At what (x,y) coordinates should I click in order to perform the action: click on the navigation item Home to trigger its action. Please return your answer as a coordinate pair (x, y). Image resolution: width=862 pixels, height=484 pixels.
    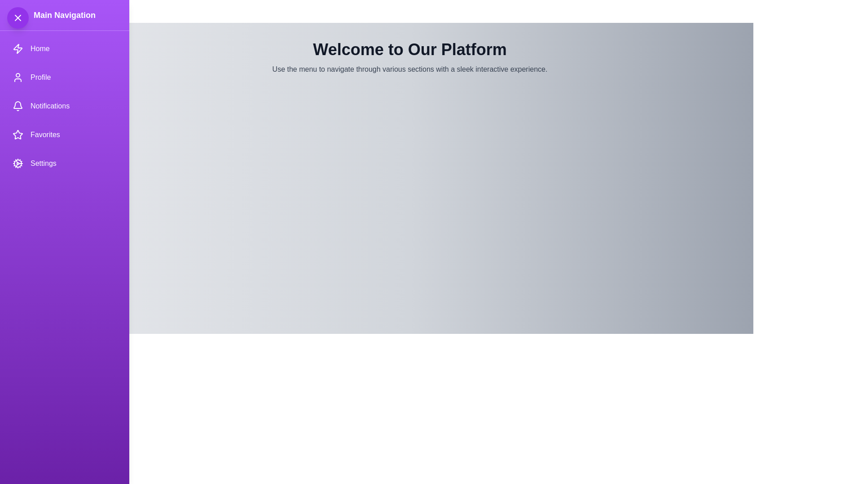
    Looking at the image, I should click on (64, 48).